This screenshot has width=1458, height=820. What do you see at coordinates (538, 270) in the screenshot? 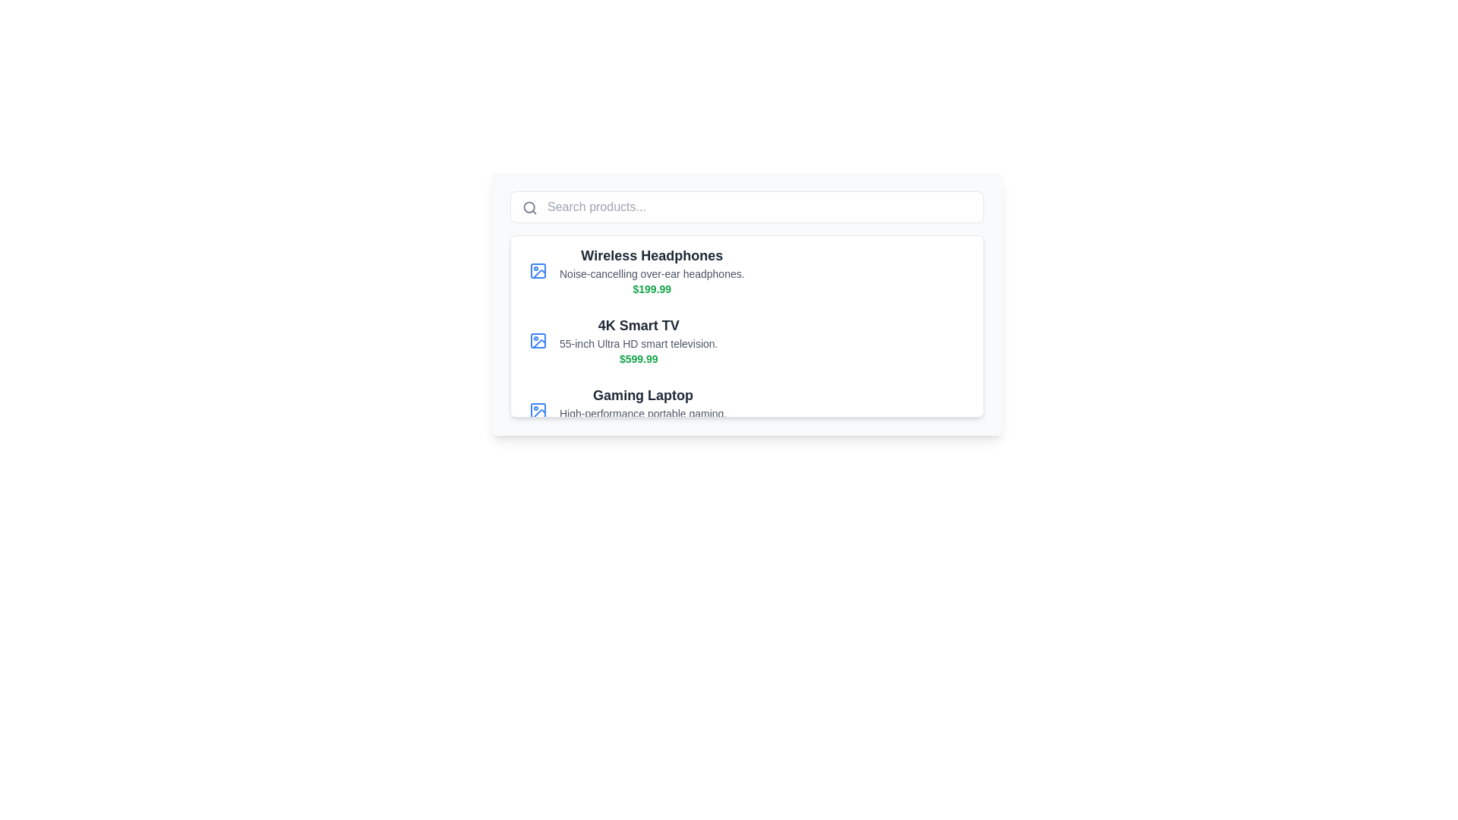
I see `the rectangular placeholder element within the image icon` at bounding box center [538, 270].